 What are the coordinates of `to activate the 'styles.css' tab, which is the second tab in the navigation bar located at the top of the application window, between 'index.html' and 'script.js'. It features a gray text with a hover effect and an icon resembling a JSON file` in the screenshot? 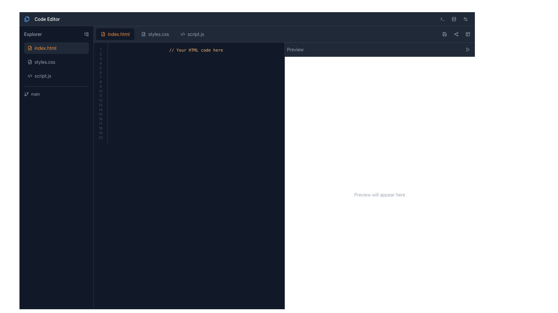 It's located at (155, 34).